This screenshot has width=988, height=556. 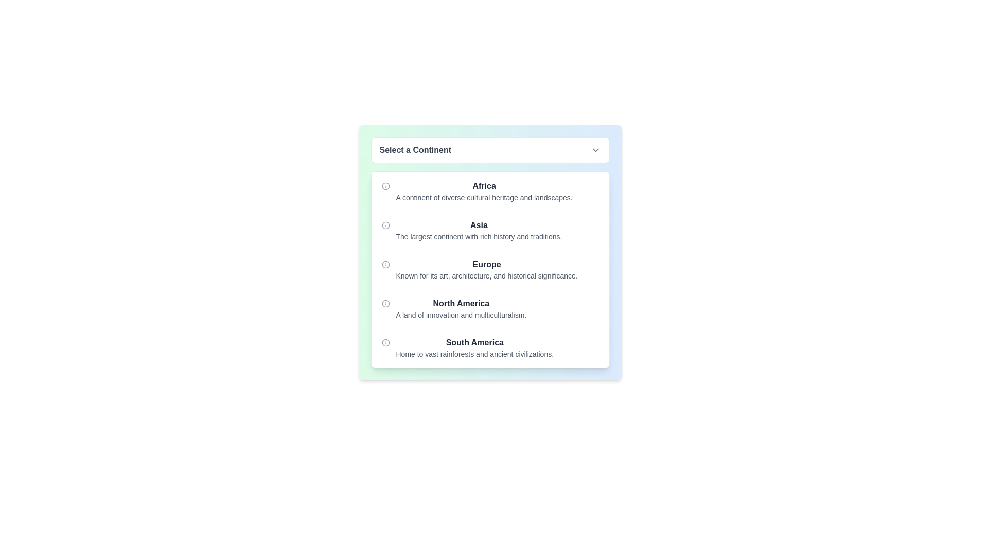 I want to click on the descriptive text label providing information about the 'Africa' selection option in the list, which is positioned directly below the 'Africa' heading, so click(x=484, y=198).